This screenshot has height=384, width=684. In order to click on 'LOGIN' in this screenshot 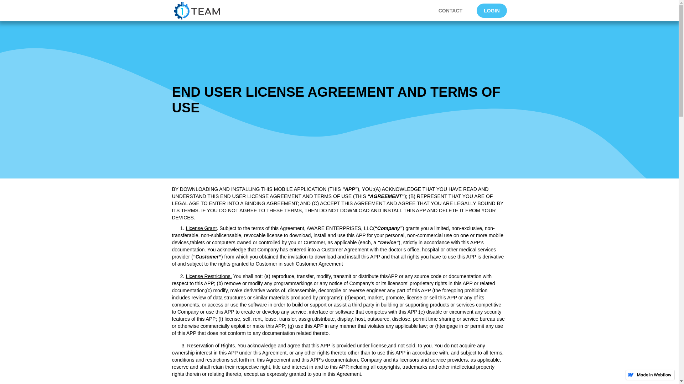, I will do `click(491, 11)`.